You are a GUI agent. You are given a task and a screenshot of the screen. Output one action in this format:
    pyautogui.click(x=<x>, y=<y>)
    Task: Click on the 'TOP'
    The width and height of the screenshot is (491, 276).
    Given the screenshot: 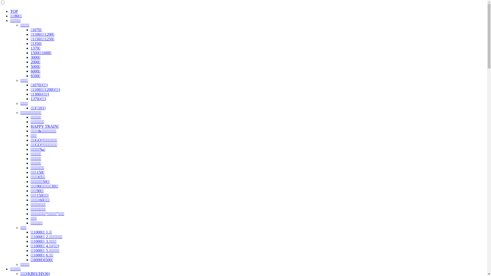 What is the action you would take?
    pyautogui.click(x=10, y=11)
    